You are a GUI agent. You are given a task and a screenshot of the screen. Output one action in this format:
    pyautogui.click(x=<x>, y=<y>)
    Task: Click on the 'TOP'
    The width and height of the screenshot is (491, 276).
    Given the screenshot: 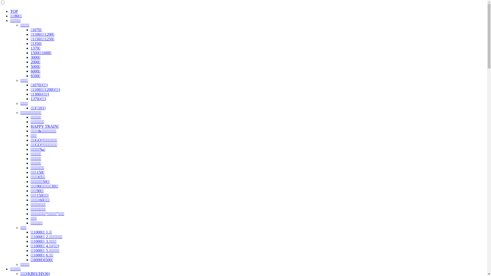 What is the action you would take?
    pyautogui.click(x=10, y=11)
    